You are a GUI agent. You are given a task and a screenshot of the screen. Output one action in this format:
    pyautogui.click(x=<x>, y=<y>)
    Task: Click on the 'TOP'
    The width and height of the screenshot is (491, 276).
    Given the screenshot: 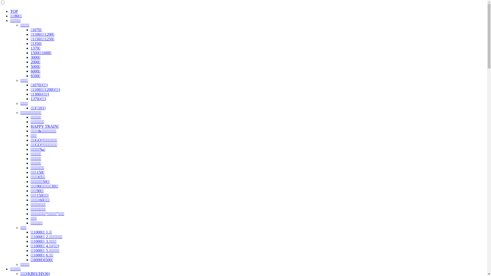 What is the action you would take?
    pyautogui.click(x=10, y=11)
    